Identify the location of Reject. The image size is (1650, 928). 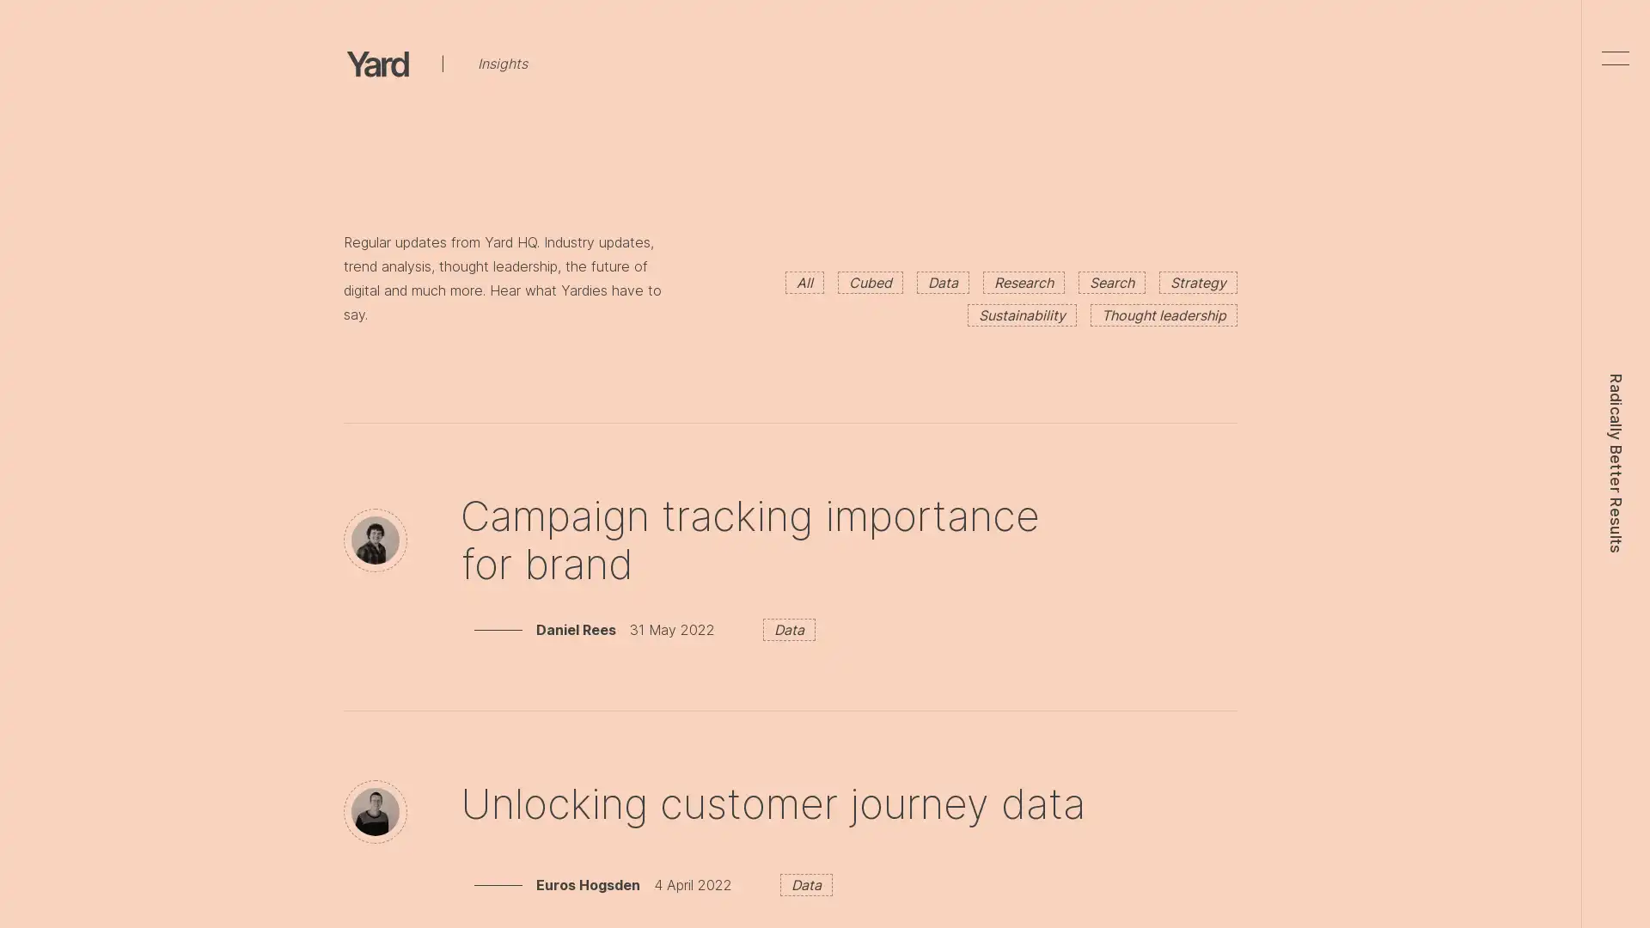
(1107, 40).